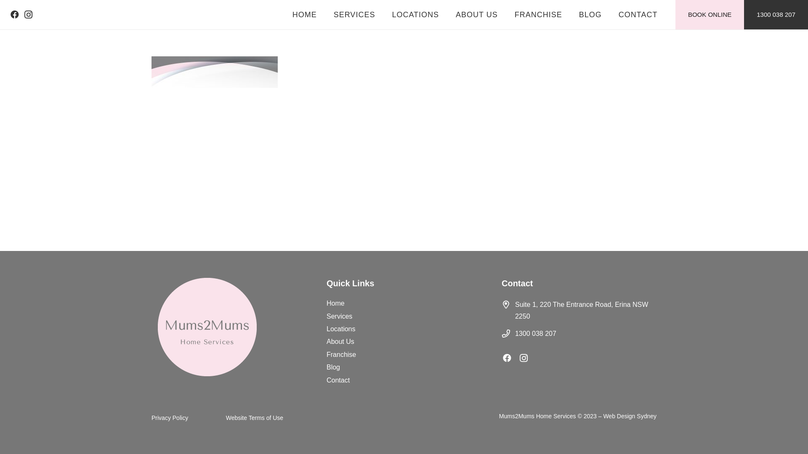 The height and width of the screenshot is (454, 808). I want to click on 'BOOK ONLINE', so click(709, 14).